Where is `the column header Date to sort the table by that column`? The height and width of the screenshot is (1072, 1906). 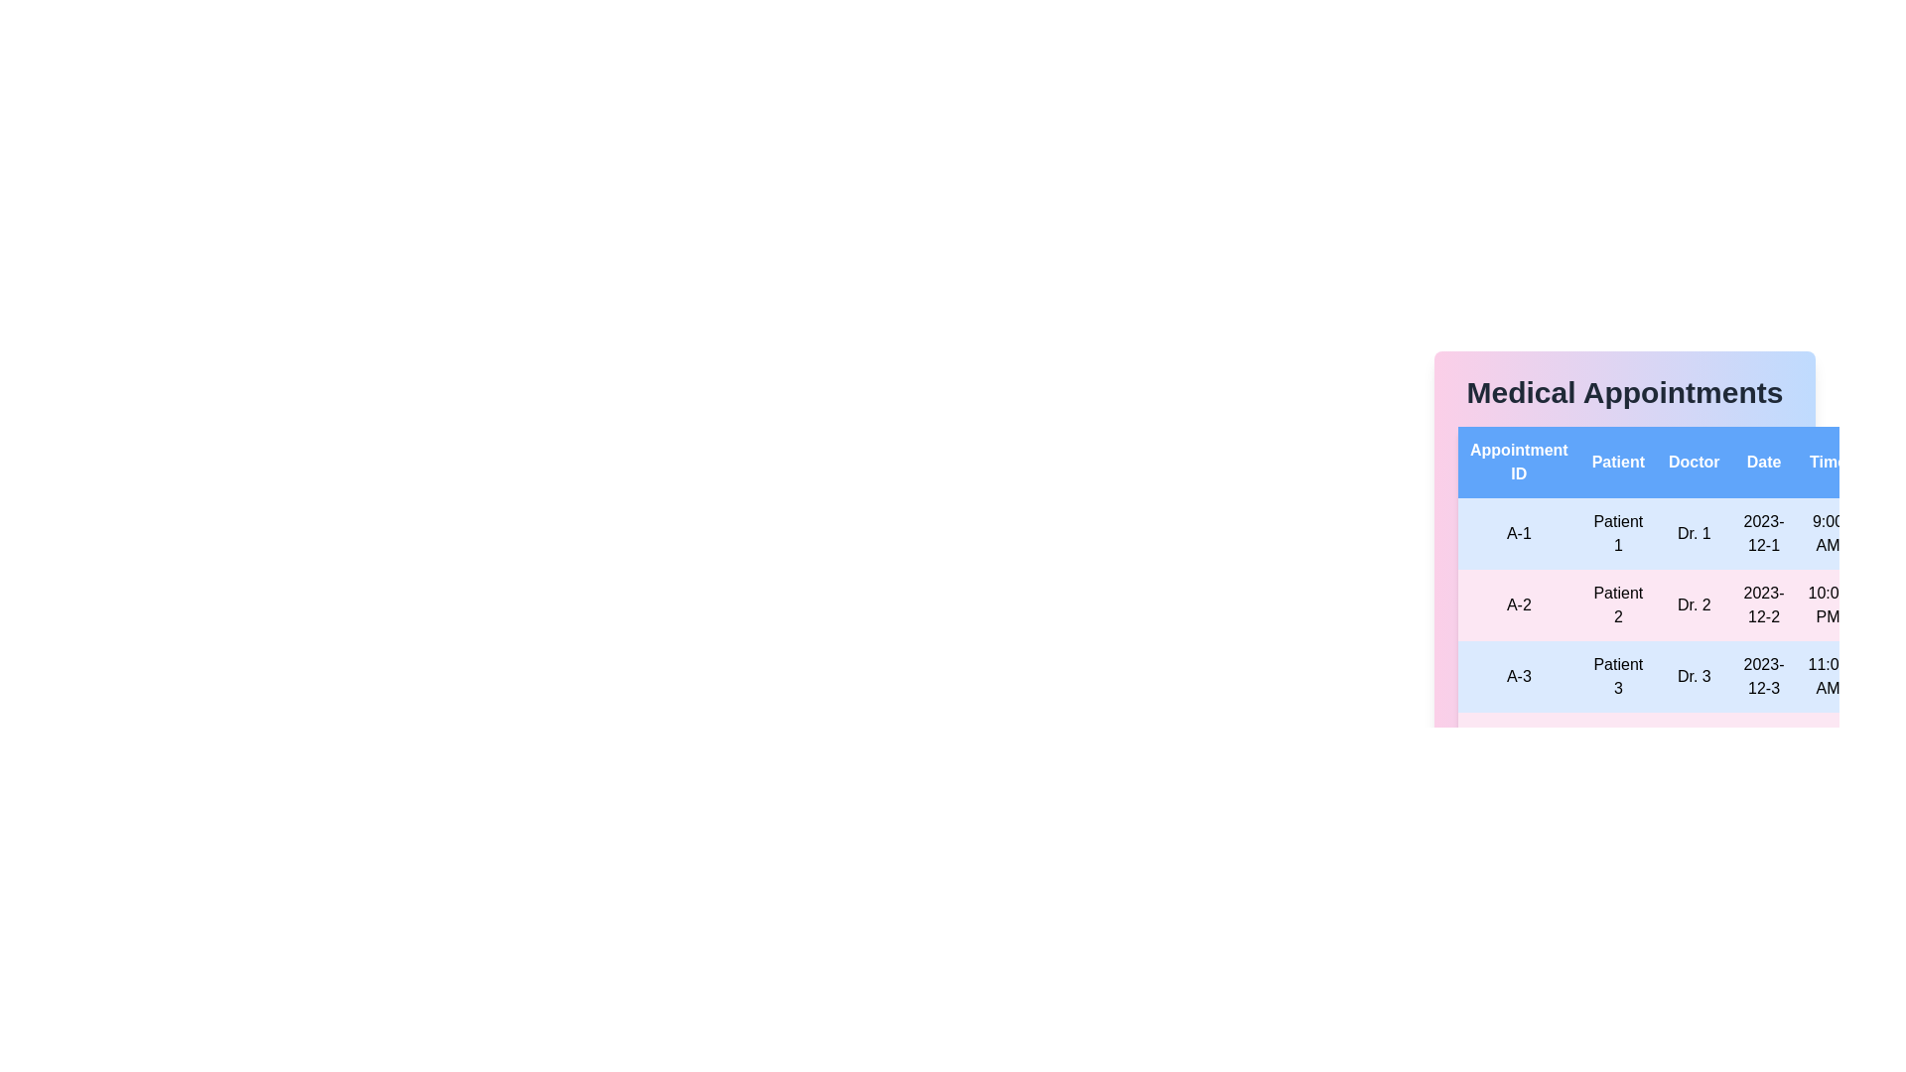
the column header Date to sort the table by that column is located at coordinates (1763, 463).